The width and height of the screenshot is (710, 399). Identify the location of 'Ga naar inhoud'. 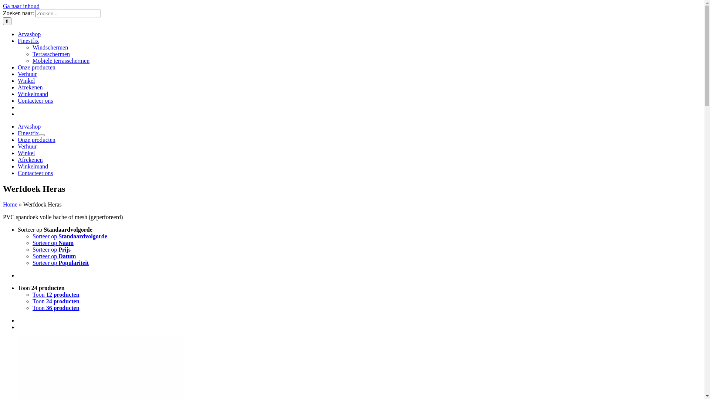
(3, 6).